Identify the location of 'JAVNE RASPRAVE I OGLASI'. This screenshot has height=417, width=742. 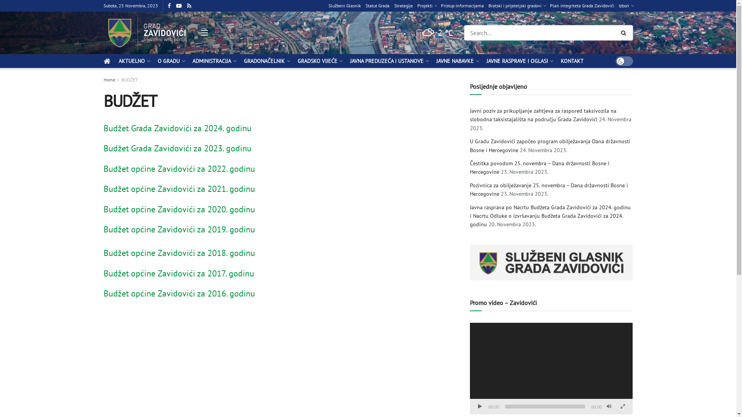
(519, 61).